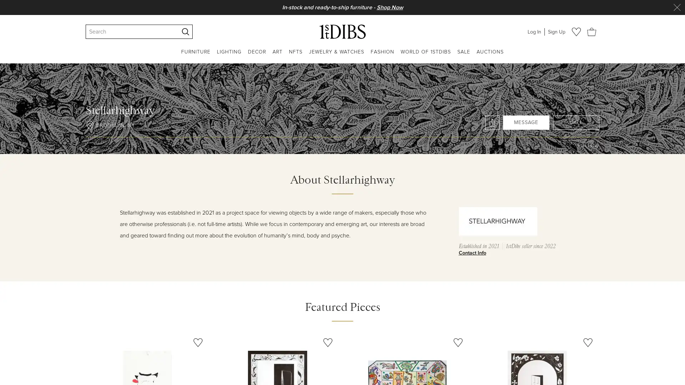 This screenshot has width=685, height=385. What do you see at coordinates (526, 122) in the screenshot?
I see `MESSAGE` at bounding box center [526, 122].